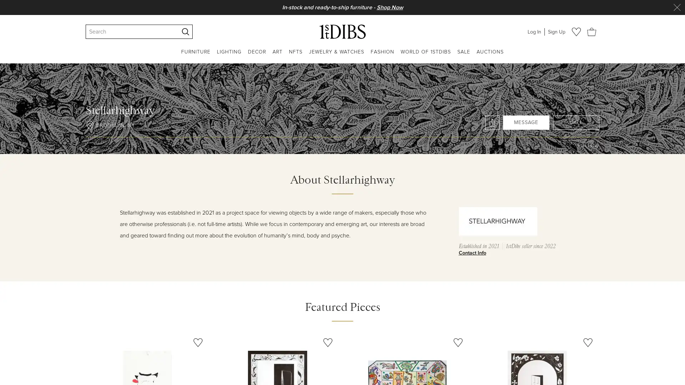 This screenshot has width=685, height=385. What do you see at coordinates (526, 122) in the screenshot?
I see `MESSAGE` at bounding box center [526, 122].